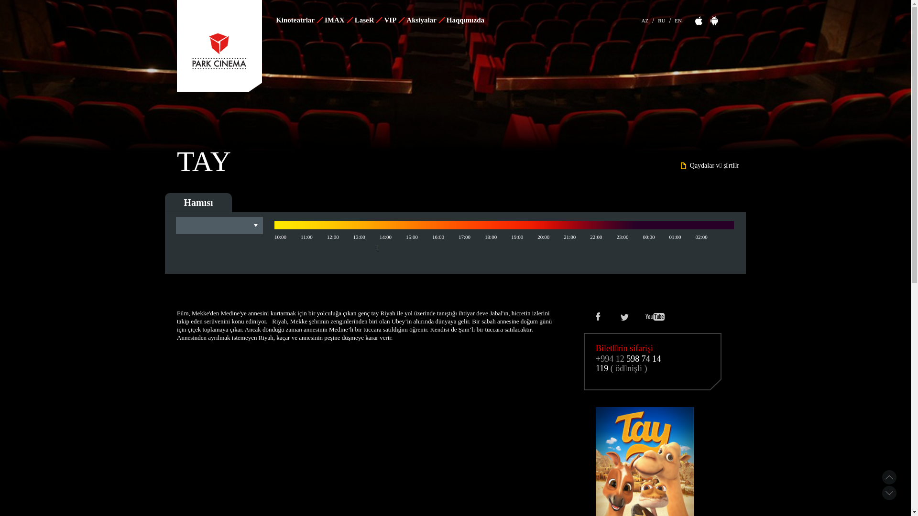  I want to click on 'AZ', so click(642, 19).